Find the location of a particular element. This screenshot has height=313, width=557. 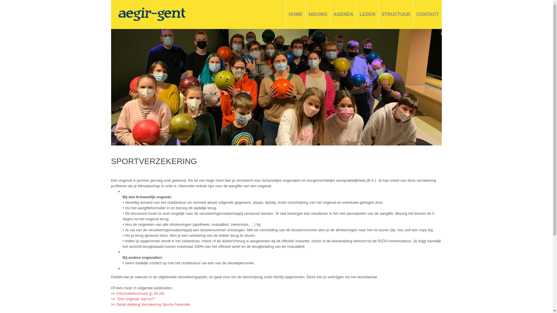

'NIEUWS' is located at coordinates (317, 14).